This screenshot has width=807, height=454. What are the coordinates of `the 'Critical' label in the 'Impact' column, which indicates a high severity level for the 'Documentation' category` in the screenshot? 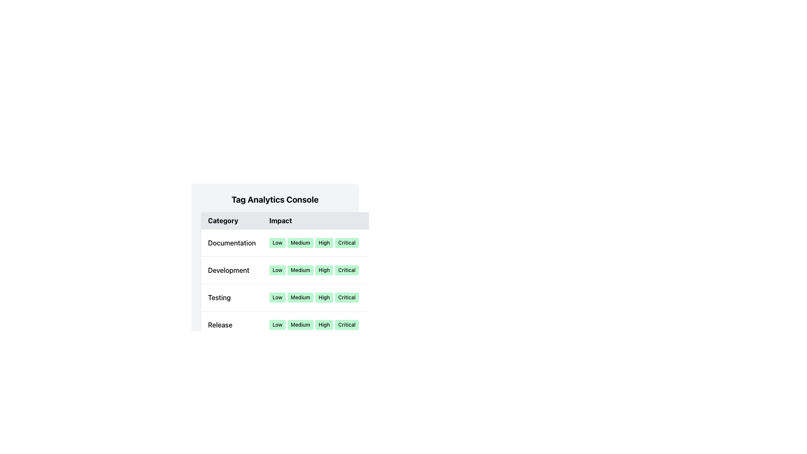 It's located at (347, 243).